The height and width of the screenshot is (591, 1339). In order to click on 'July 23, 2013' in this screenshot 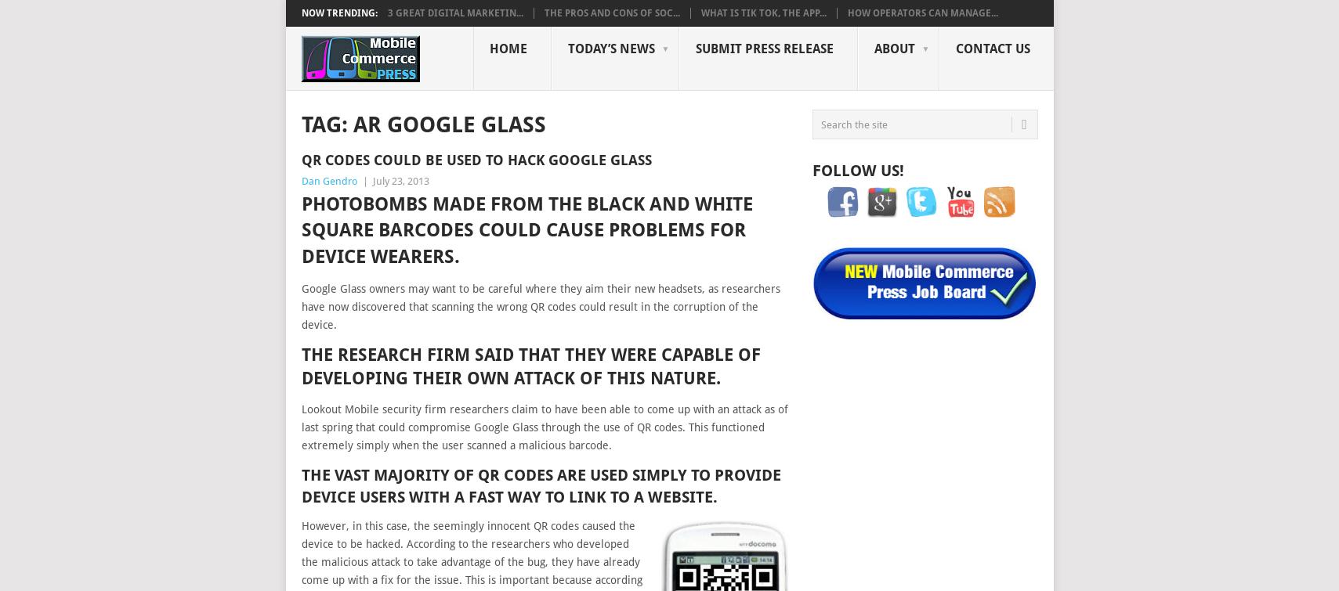, I will do `click(371, 180)`.